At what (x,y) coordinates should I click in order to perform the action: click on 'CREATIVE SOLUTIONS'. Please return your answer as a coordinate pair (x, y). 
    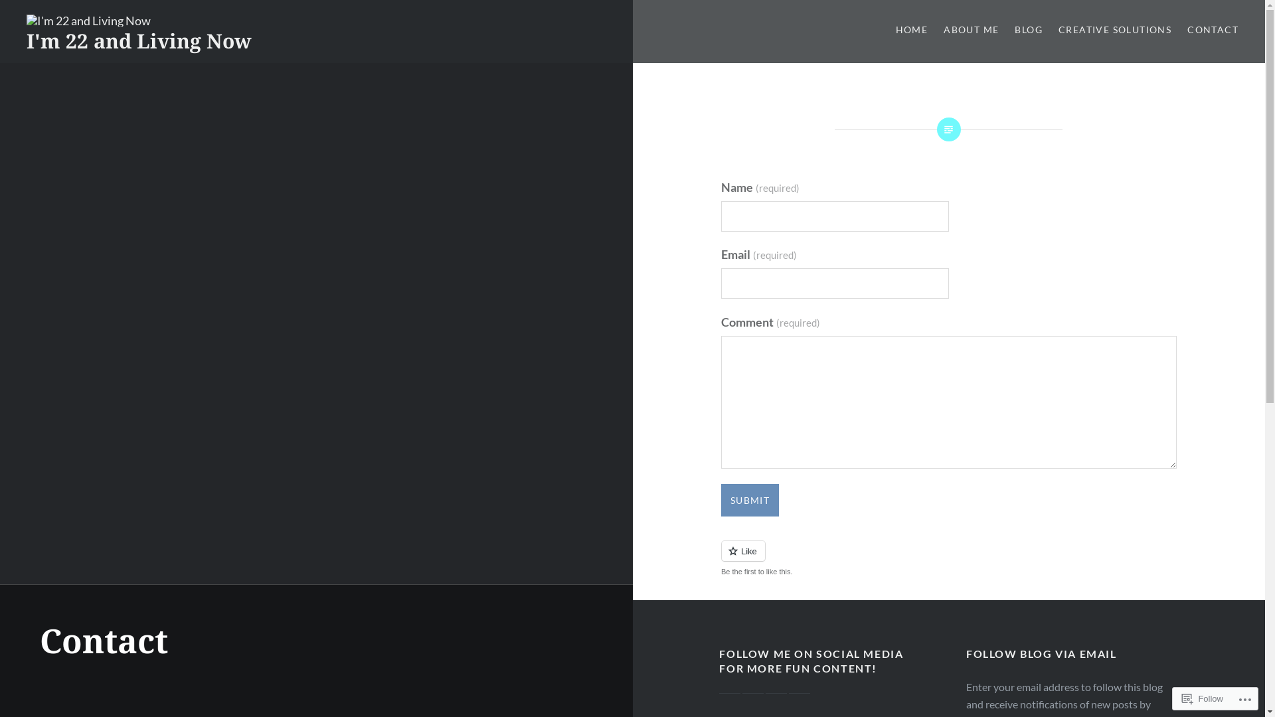
    Looking at the image, I should click on (1057, 30).